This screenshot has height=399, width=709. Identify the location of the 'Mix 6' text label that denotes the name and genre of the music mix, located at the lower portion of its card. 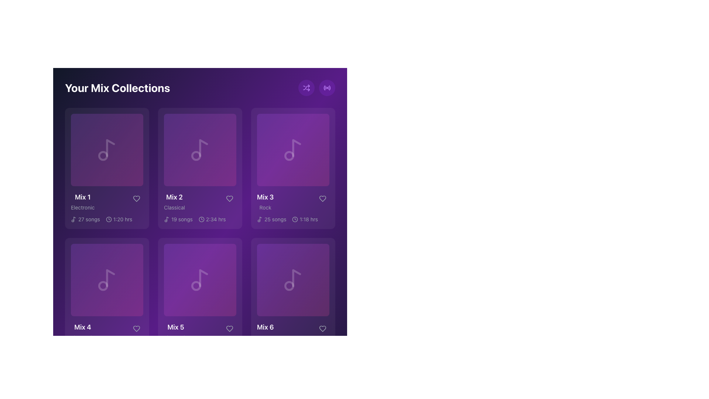
(292, 331).